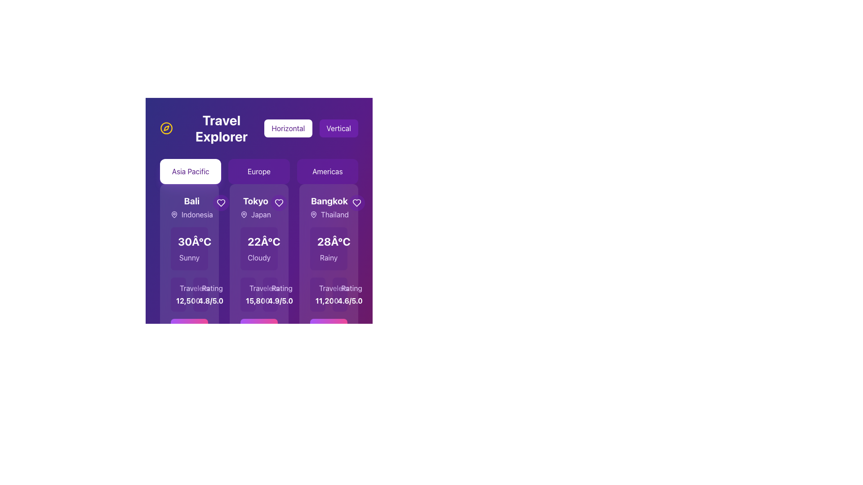 This screenshot has width=863, height=485. I want to click on the purple rectangular box displaying the rating value '4.6/5.0' located under the 'America' tab in the card for 'Bangkok, Thailand' to visualize the rating, so click(339, 294).